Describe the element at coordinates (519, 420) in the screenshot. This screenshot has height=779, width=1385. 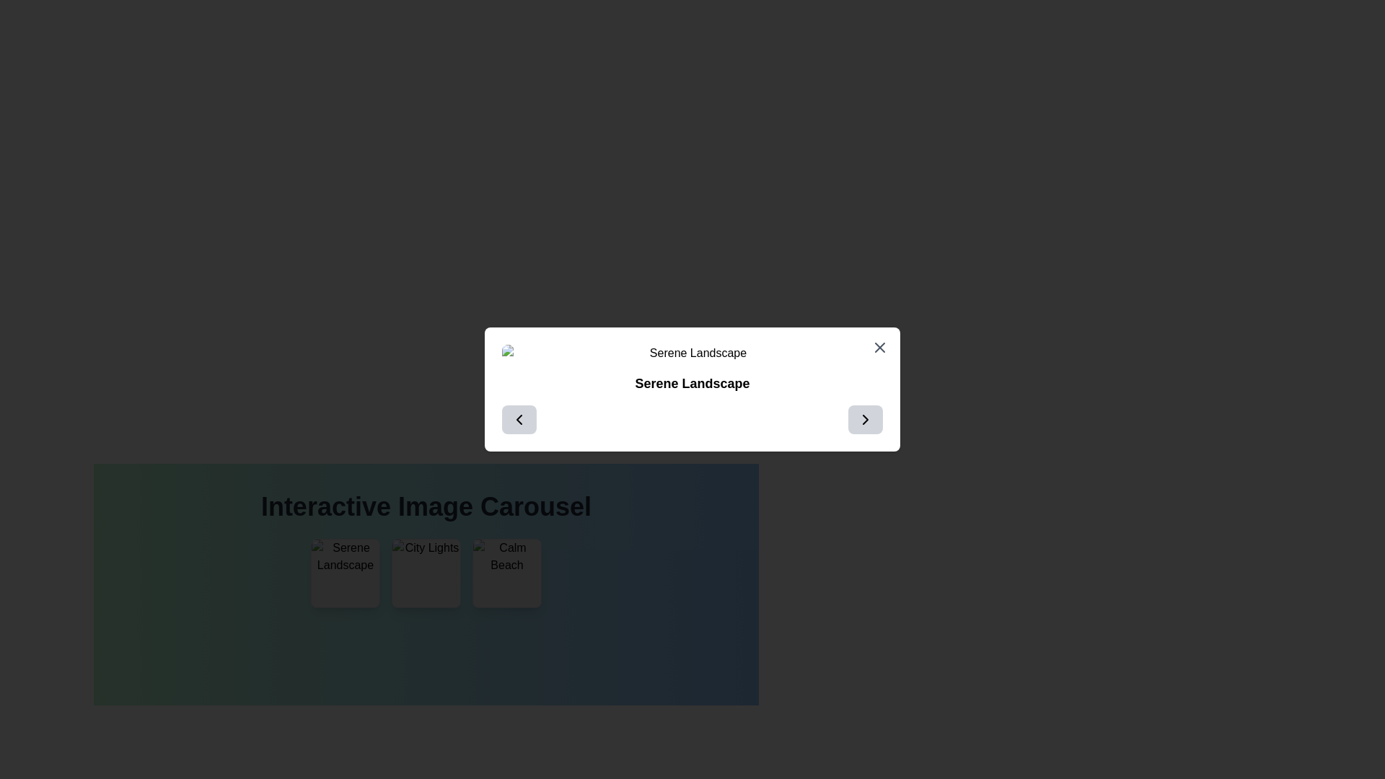
I see `the left-chevron arrow button, which is a minimalistic black icon on a light-gray rounded background` at that location.